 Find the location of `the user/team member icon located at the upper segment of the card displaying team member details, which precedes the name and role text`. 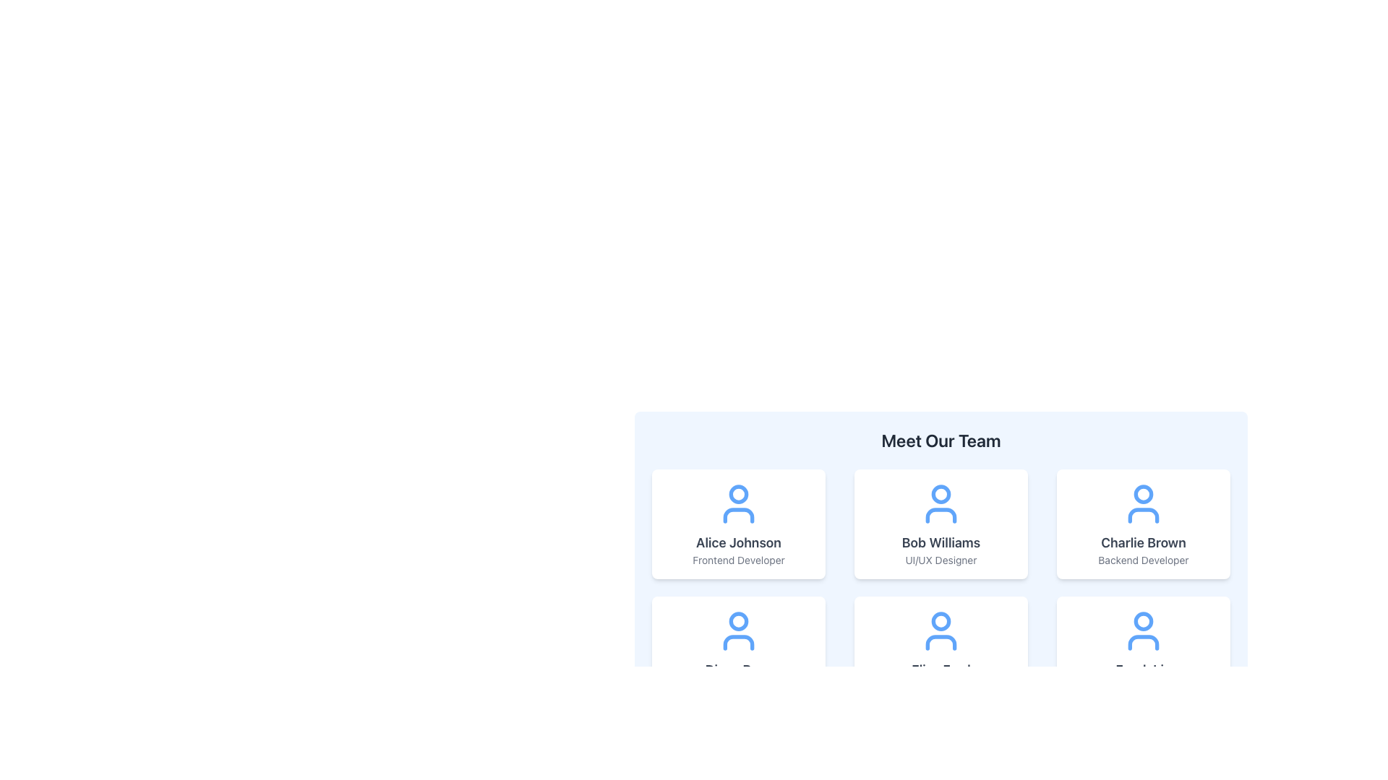

the user/team member icon located at the upper segment of the card displaying team member details, which precedes the name and role text is located at coordinates (739, 630).